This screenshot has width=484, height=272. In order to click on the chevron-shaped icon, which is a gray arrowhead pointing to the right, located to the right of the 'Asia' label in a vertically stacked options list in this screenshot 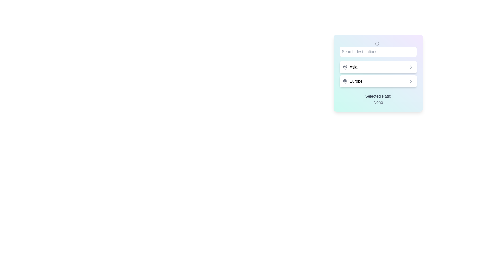, I will do `click(411, 67)`.